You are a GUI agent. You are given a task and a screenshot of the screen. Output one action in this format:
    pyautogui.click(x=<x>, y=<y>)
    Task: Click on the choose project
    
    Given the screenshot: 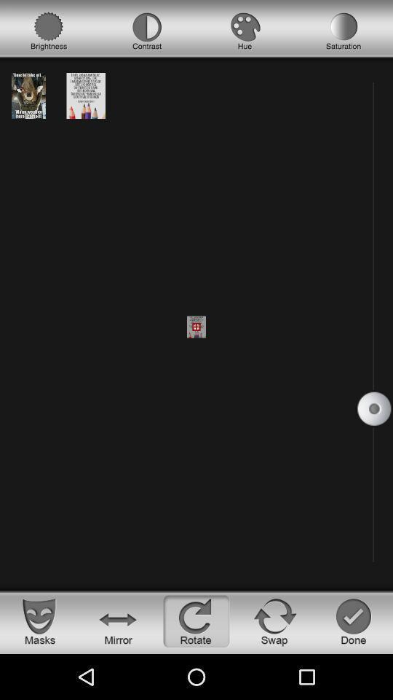 What is the action you would take?
    pyautogui.click(x=28, y=95)
    